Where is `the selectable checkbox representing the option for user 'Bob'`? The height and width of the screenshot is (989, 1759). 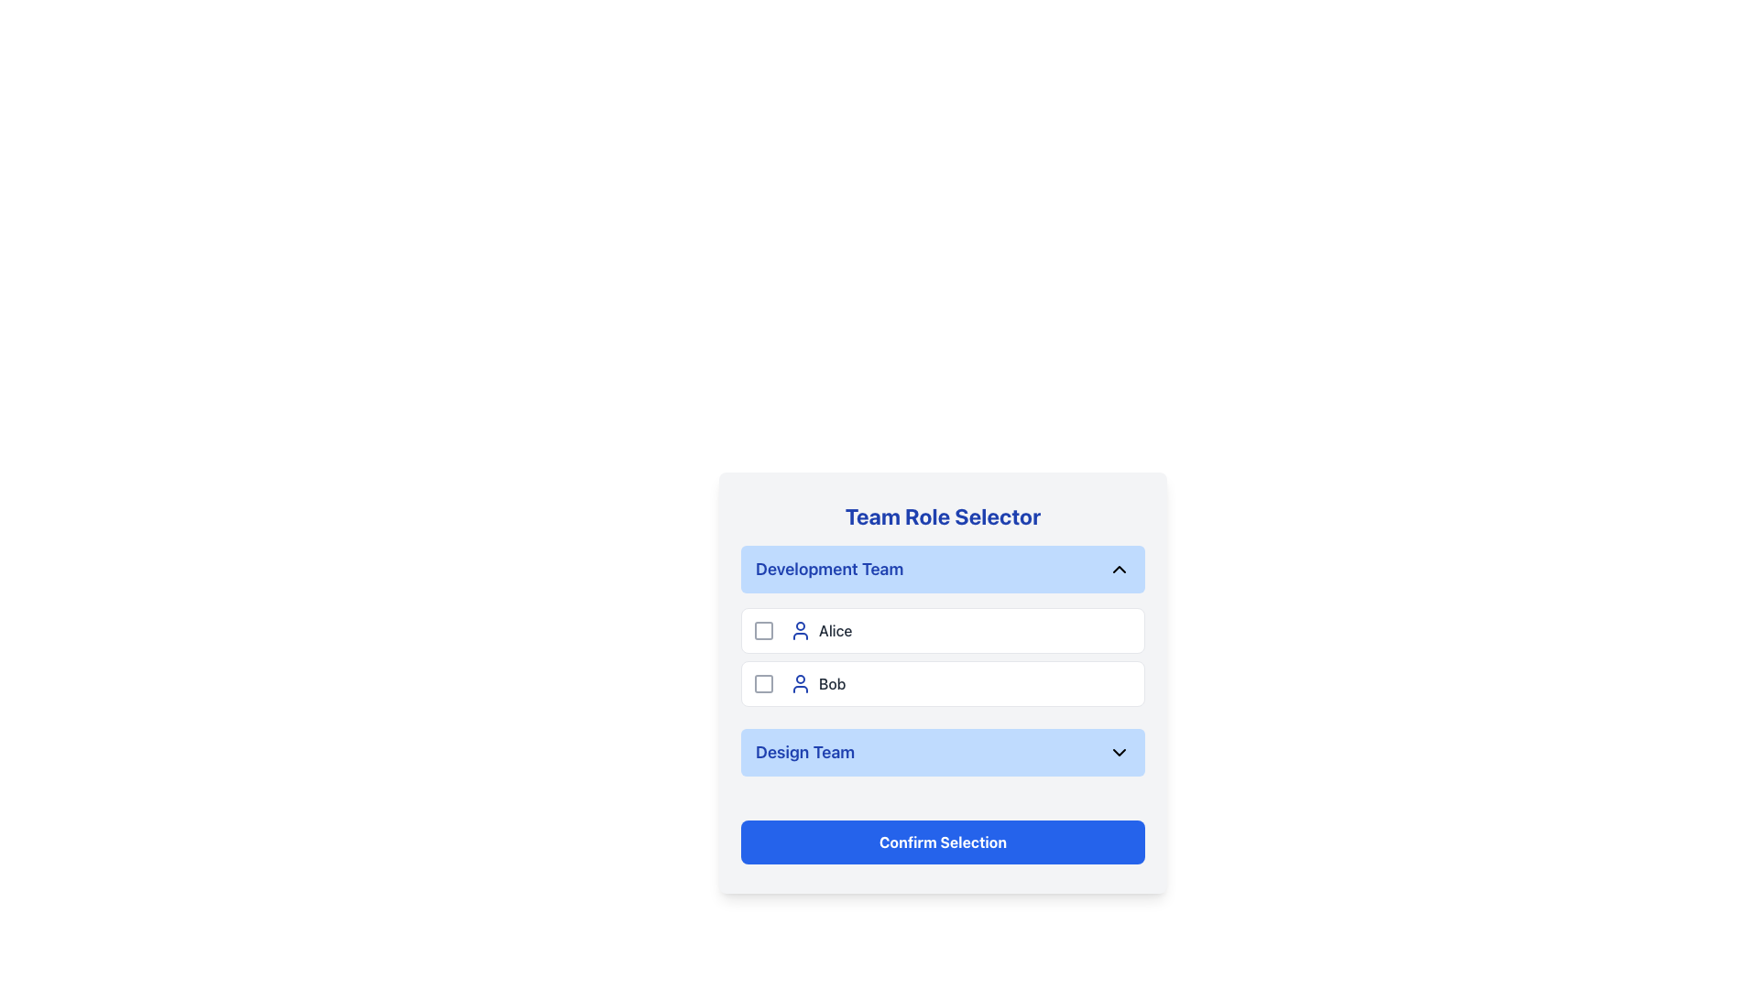 the selectable checkbox representing the option for user 'Bob' is located at coordinates (764, 684).